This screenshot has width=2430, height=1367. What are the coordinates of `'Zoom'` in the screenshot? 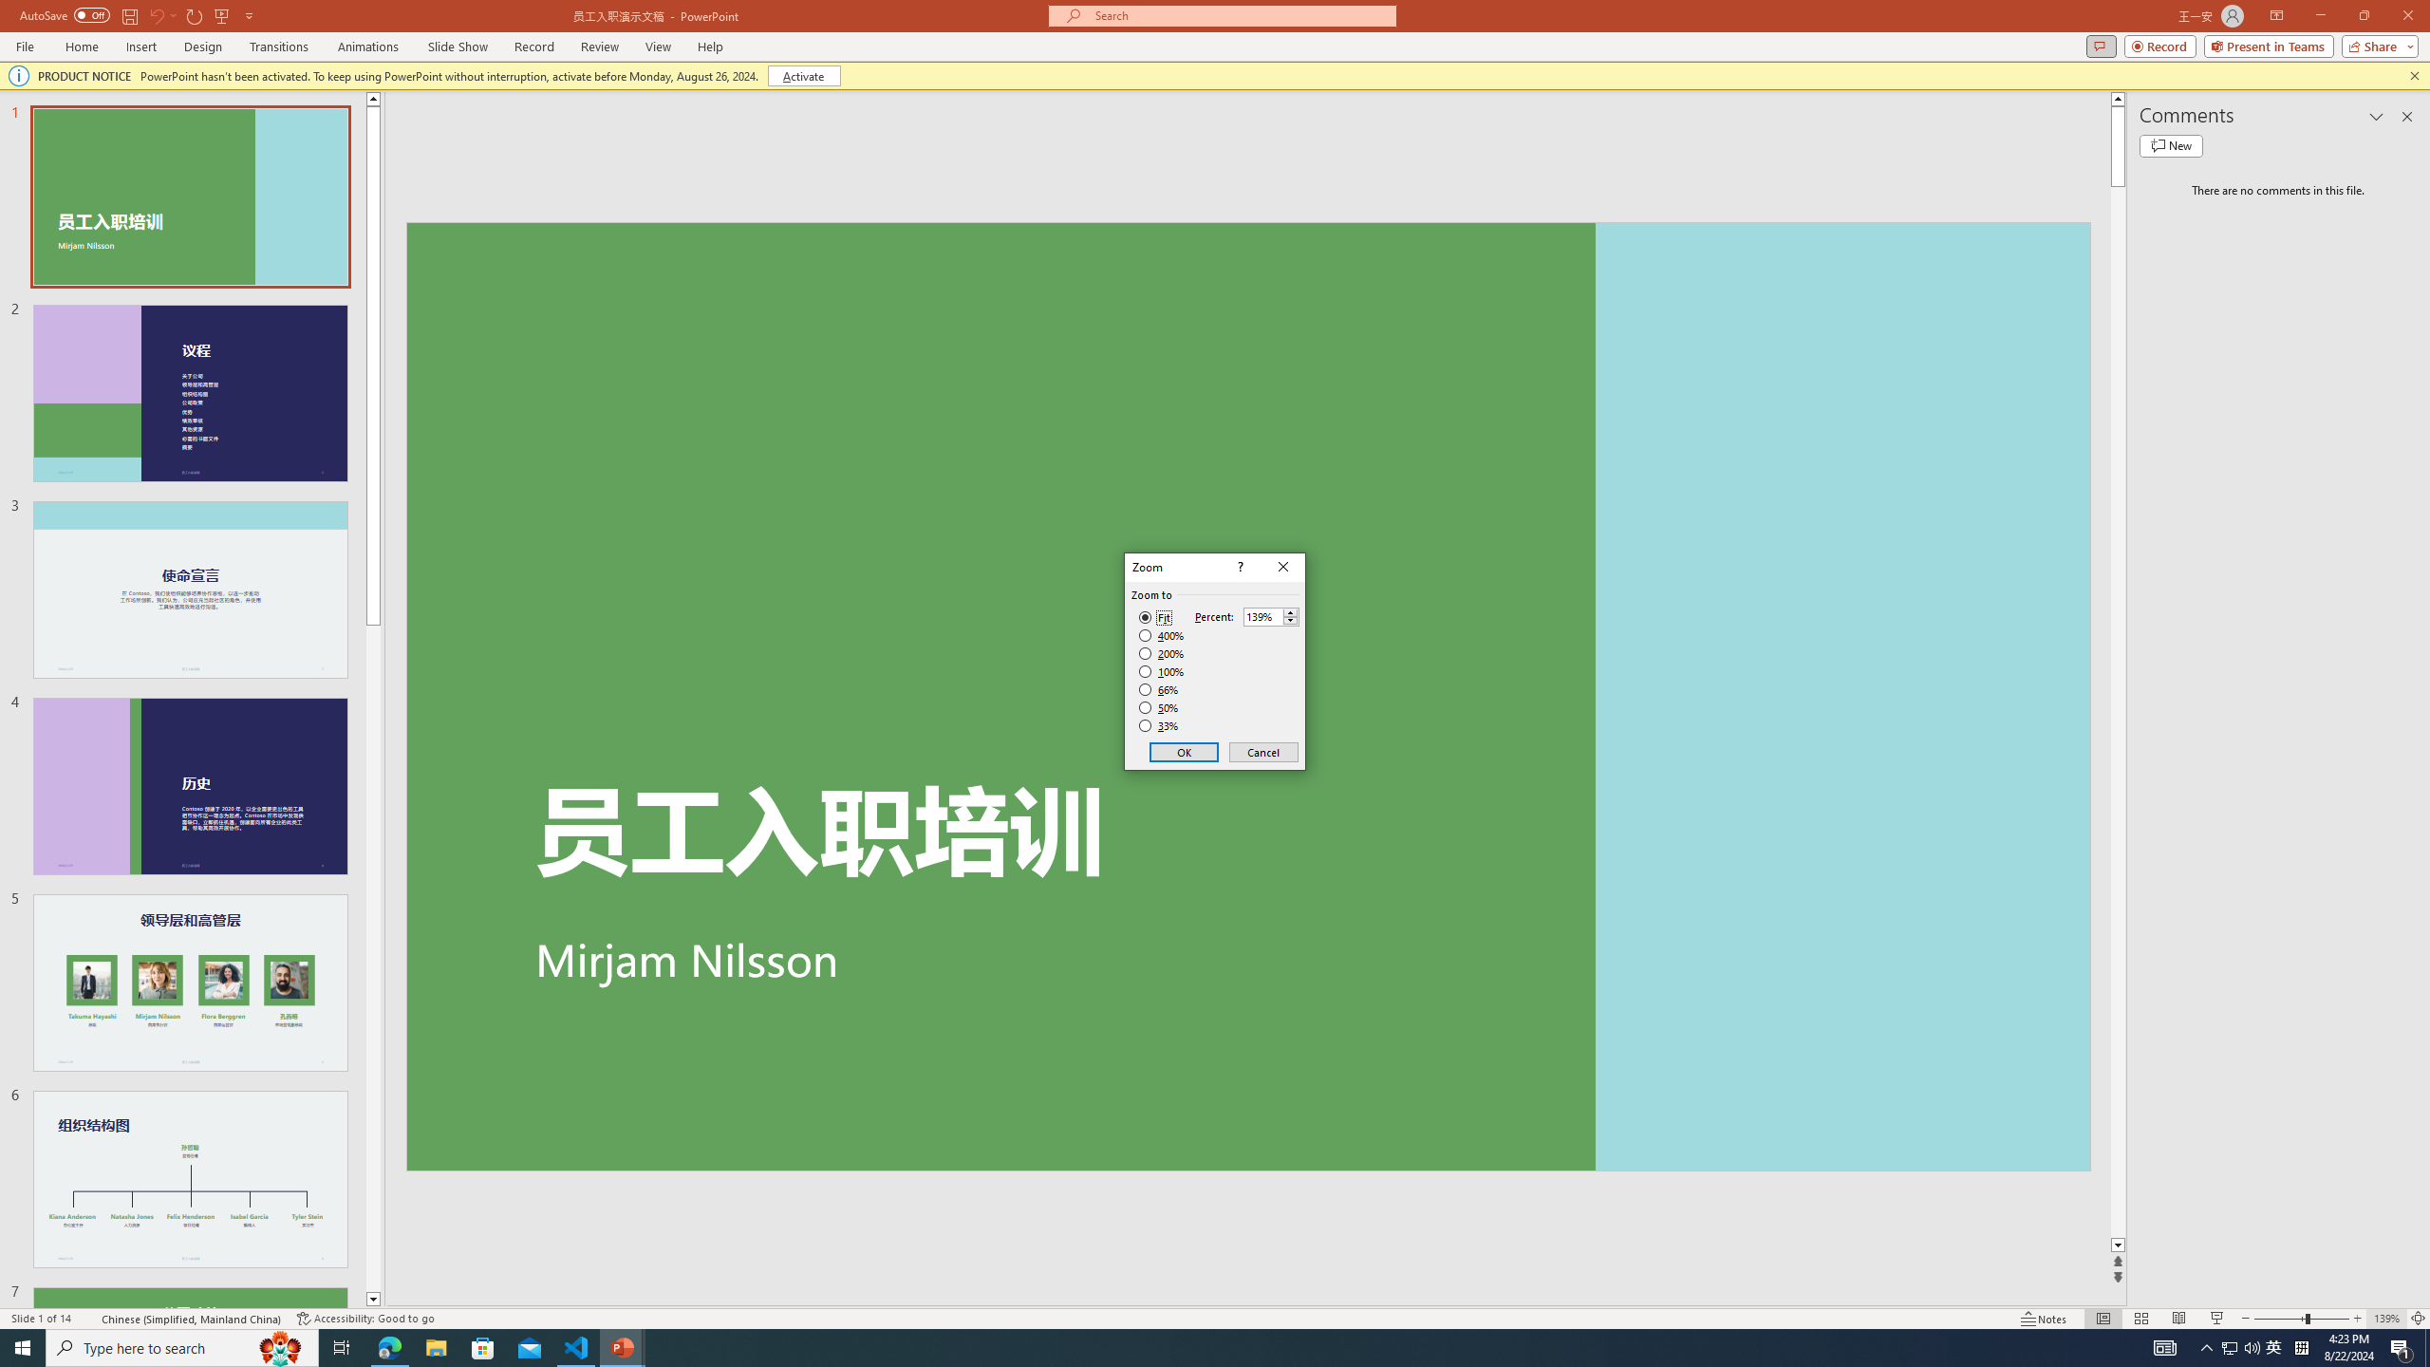 It's located at (2302, 1319).